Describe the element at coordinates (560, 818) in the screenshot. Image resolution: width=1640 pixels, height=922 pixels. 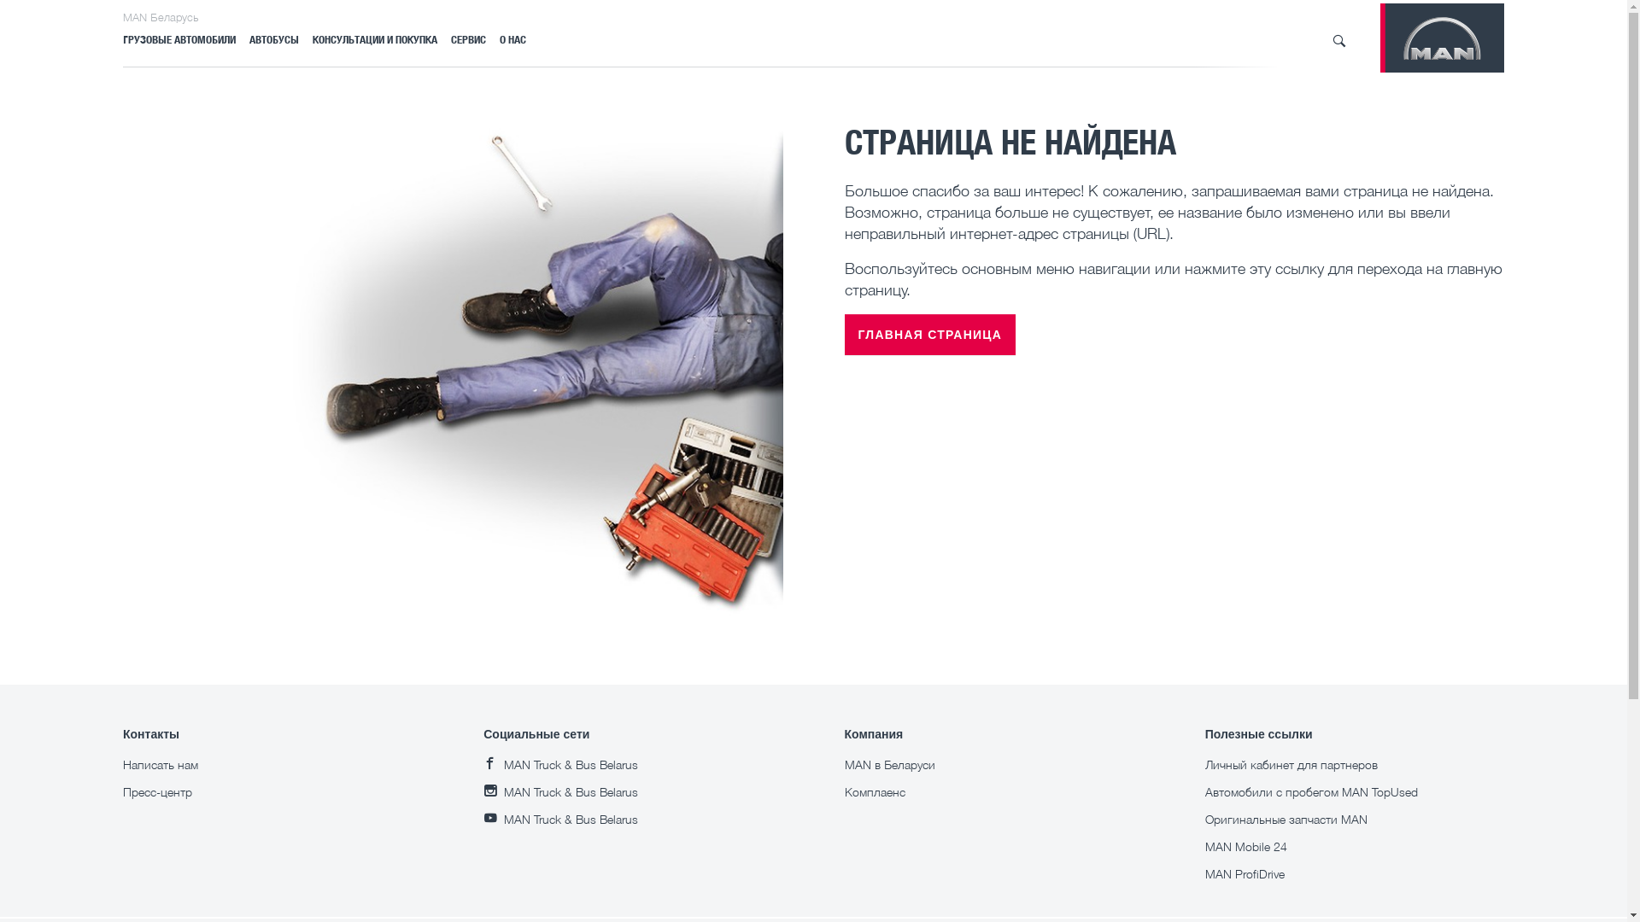
I see `'MAN Truck & Bus Belarus'` at that location.